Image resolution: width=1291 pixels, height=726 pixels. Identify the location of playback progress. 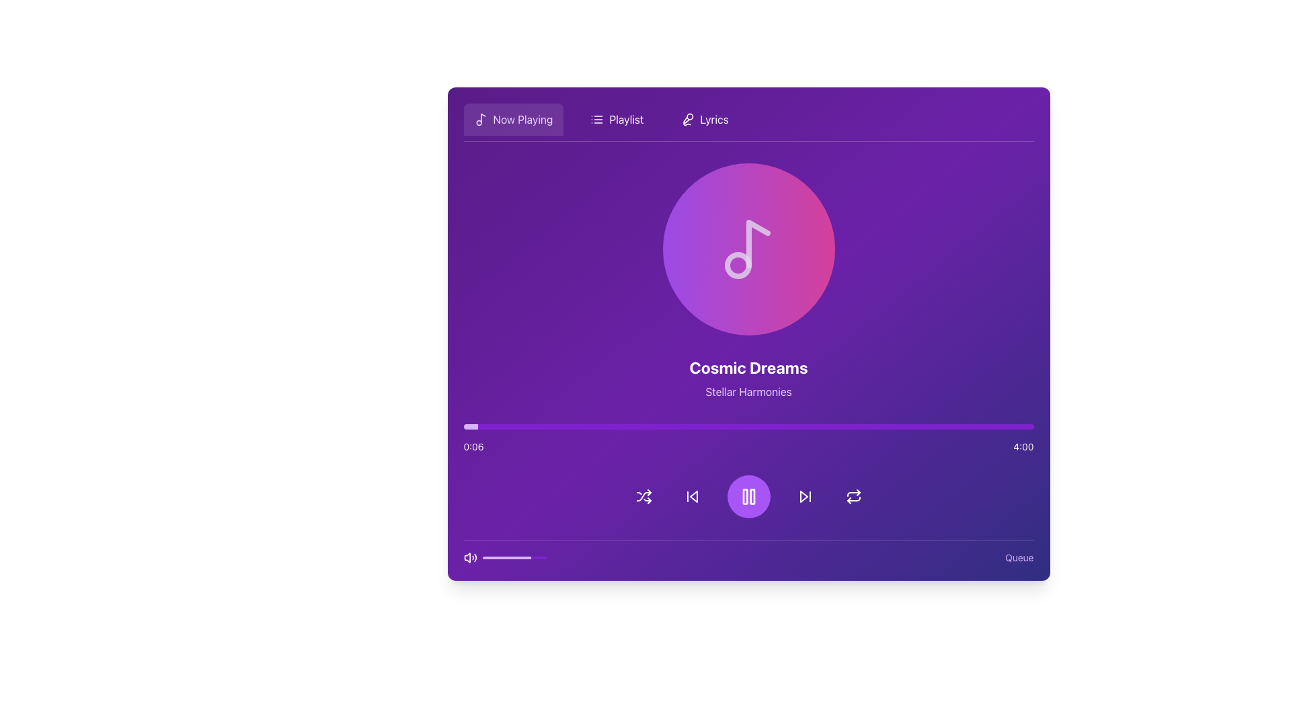
(491, 427).